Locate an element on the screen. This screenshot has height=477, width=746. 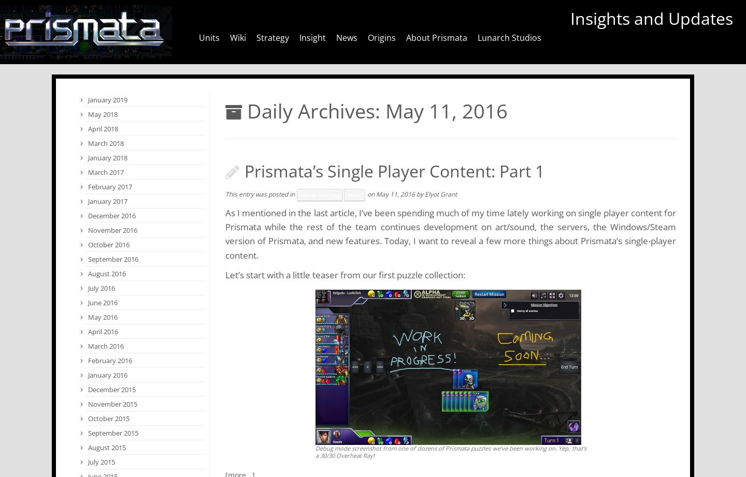
'August 2016' is located at coordinates (107, 274).